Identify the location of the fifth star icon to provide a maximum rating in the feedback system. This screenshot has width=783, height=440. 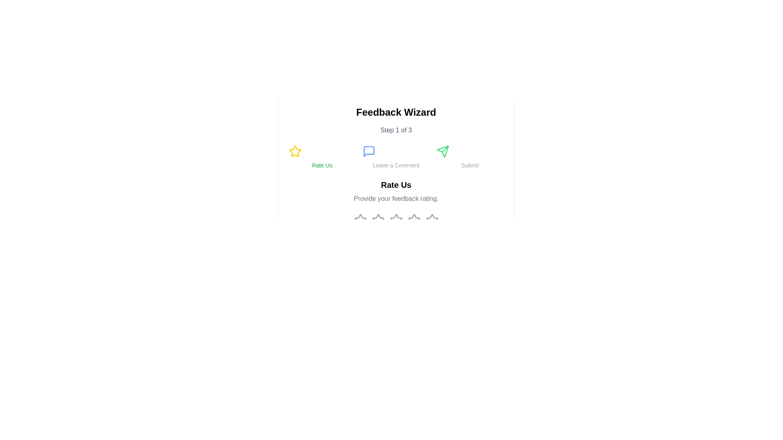
(431, 219).